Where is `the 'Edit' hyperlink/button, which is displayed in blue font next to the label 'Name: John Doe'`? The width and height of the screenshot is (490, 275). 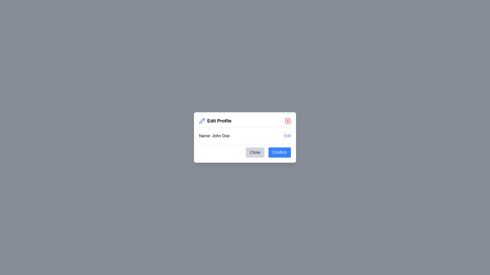
the 'Edit' hyperlink/button, which is displayed in blue font next to the label 'Name: John Doe' is located at coordinates (287, 135).